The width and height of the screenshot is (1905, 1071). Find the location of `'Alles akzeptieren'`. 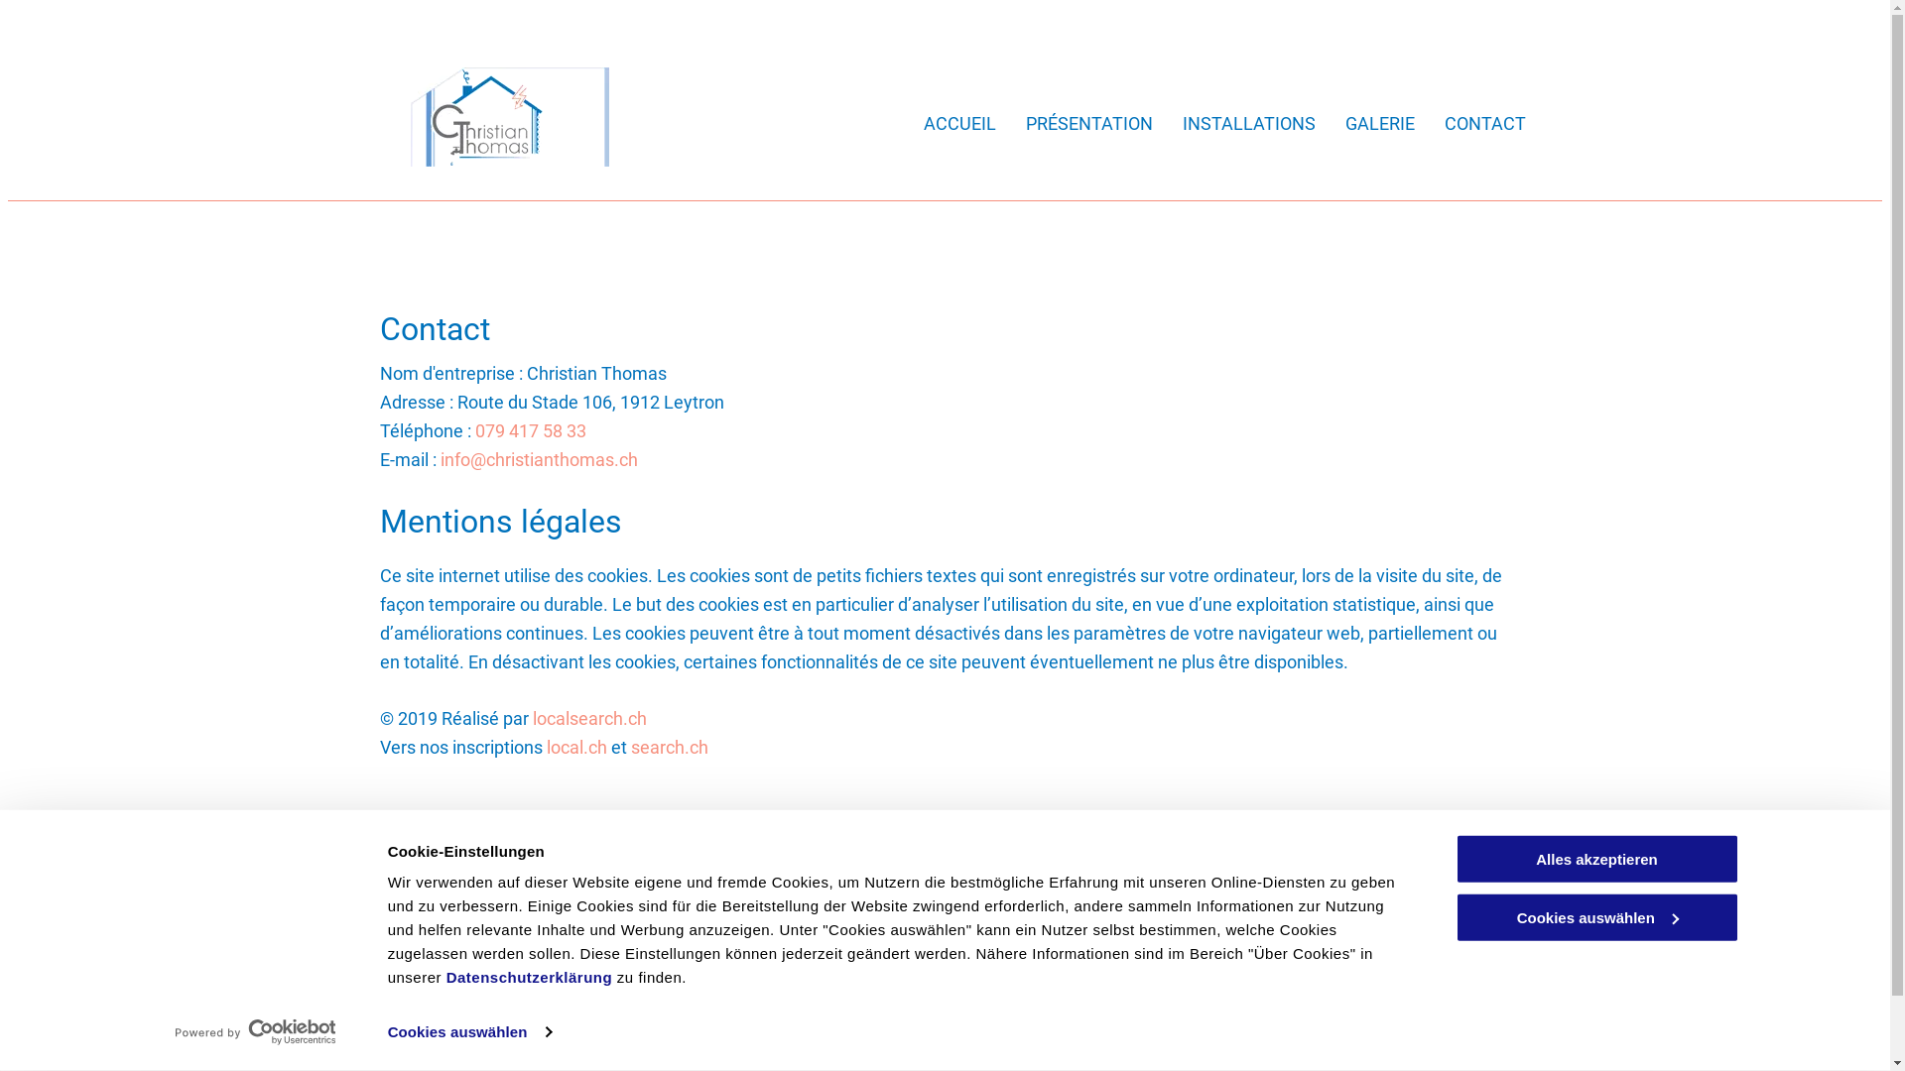

'Alles akzeptieren' is located at coordinates (1595, 858).